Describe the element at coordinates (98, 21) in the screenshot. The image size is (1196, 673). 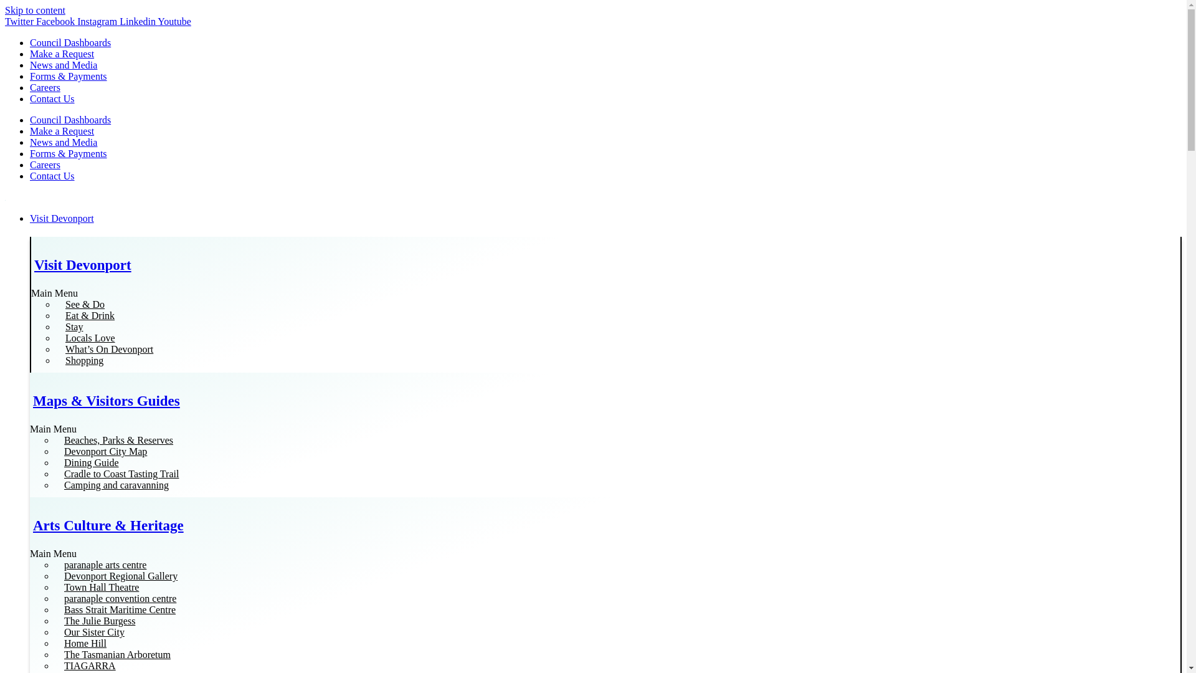
I see `'Instagram'` at that location.